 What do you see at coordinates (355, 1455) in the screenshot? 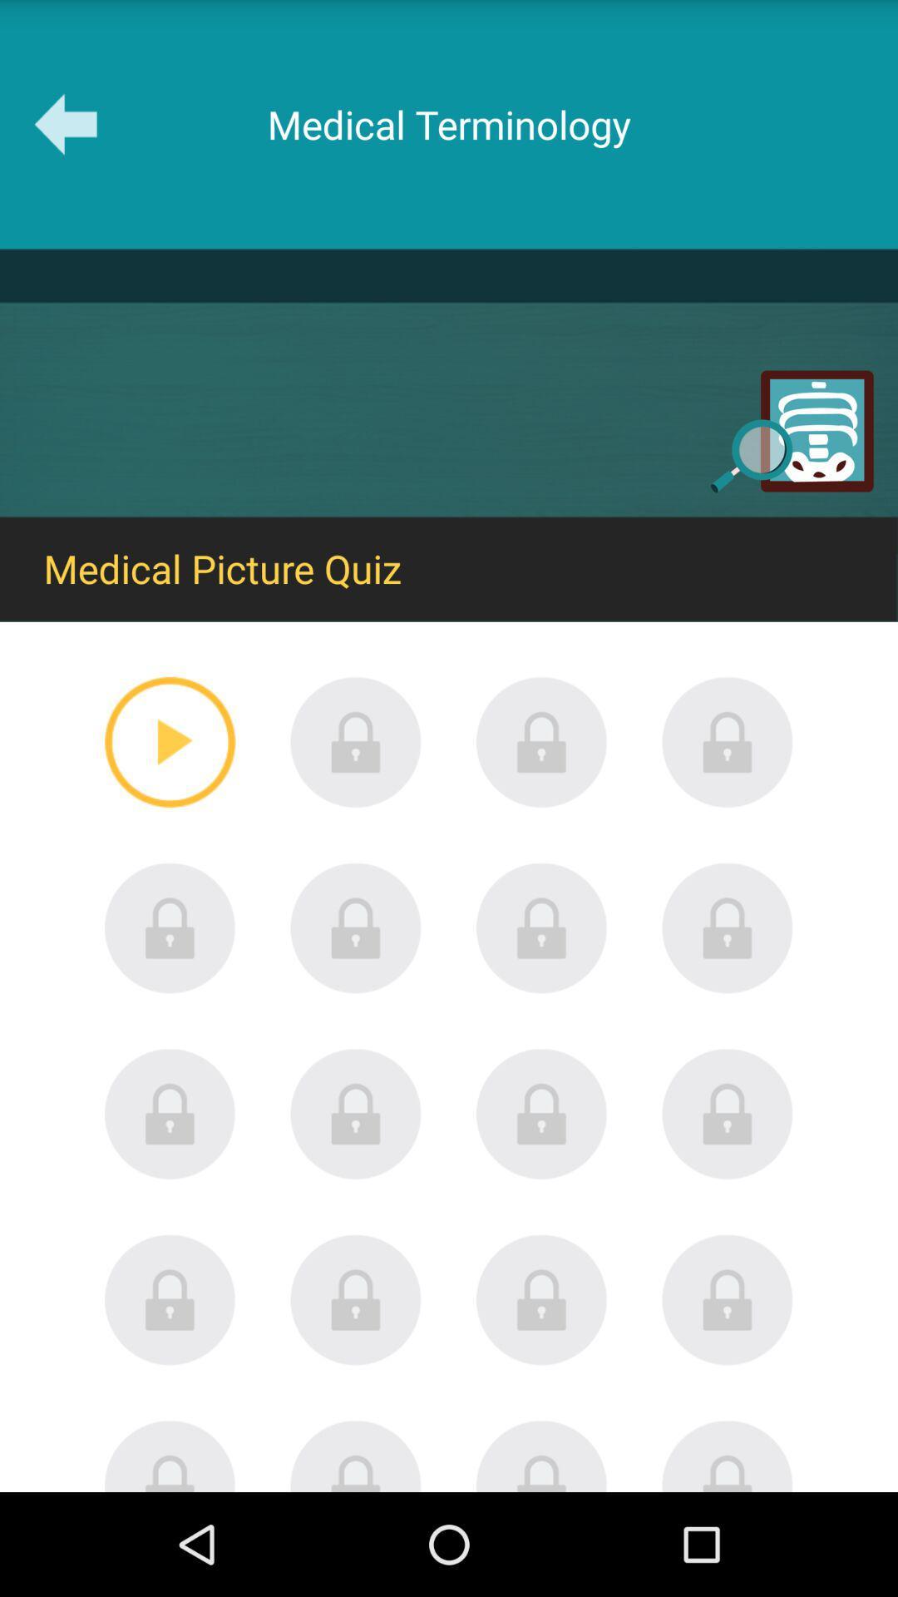
I see `locked button` at bounding box center [355, 1455].